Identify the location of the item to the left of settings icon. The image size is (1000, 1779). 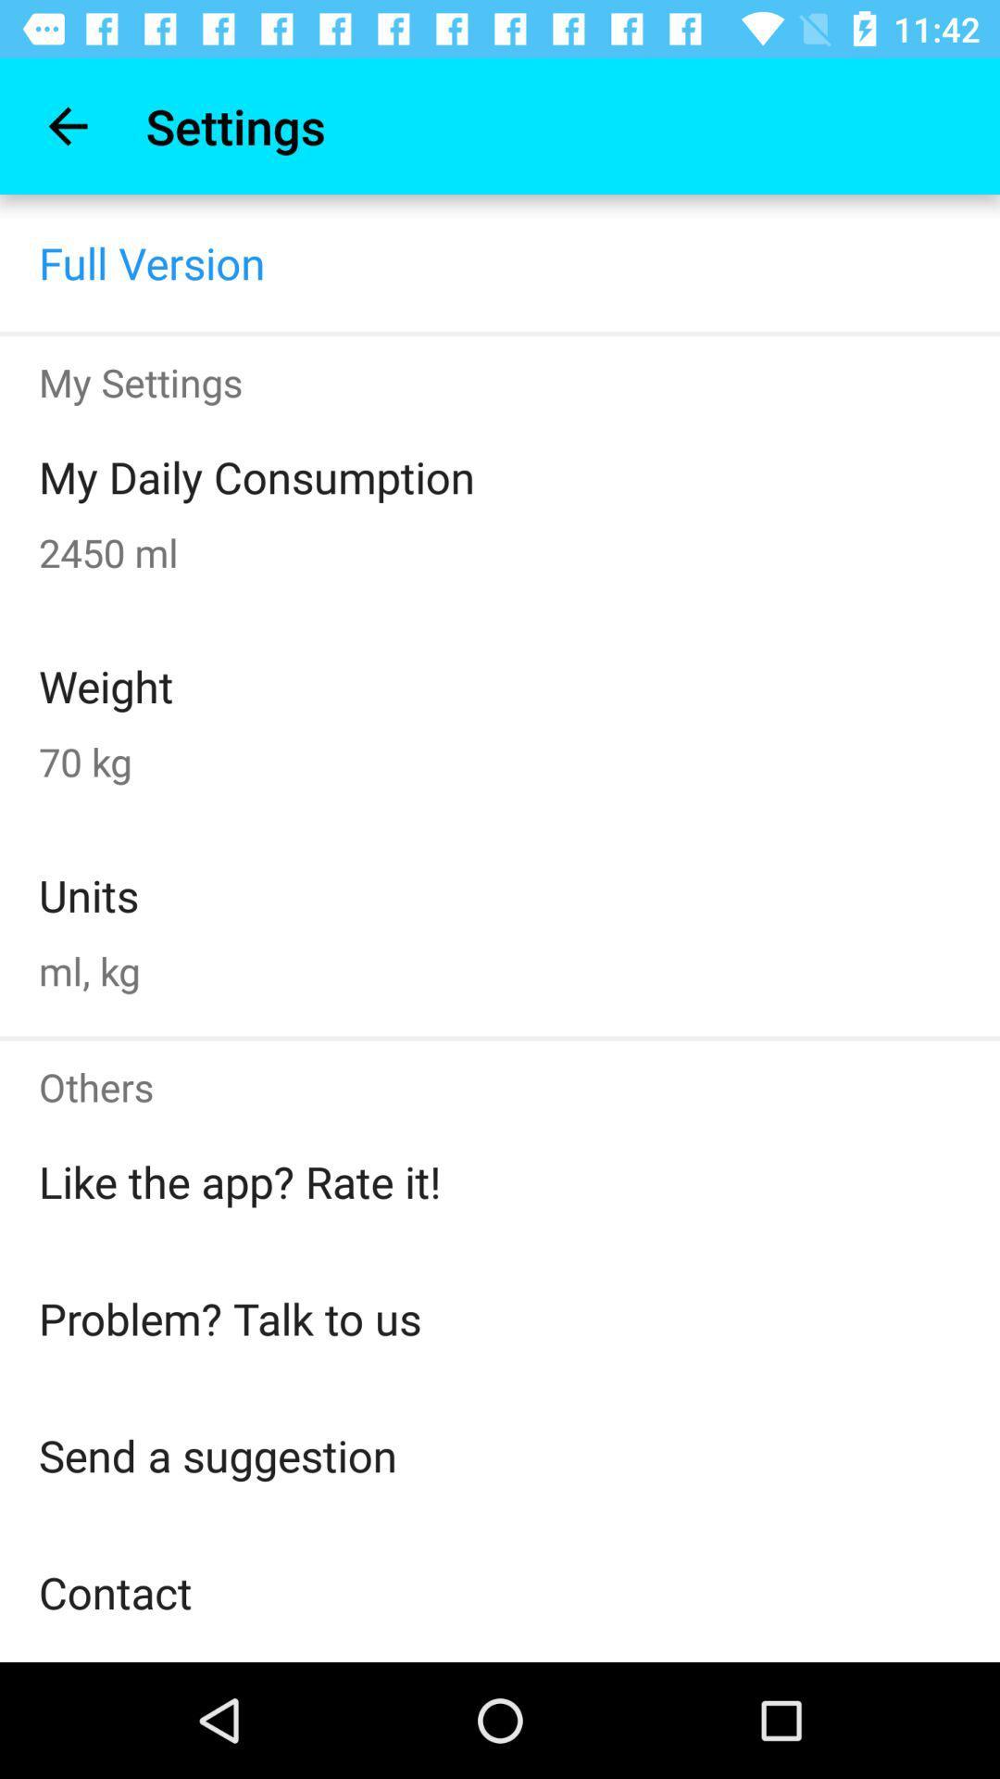
(67, 125).